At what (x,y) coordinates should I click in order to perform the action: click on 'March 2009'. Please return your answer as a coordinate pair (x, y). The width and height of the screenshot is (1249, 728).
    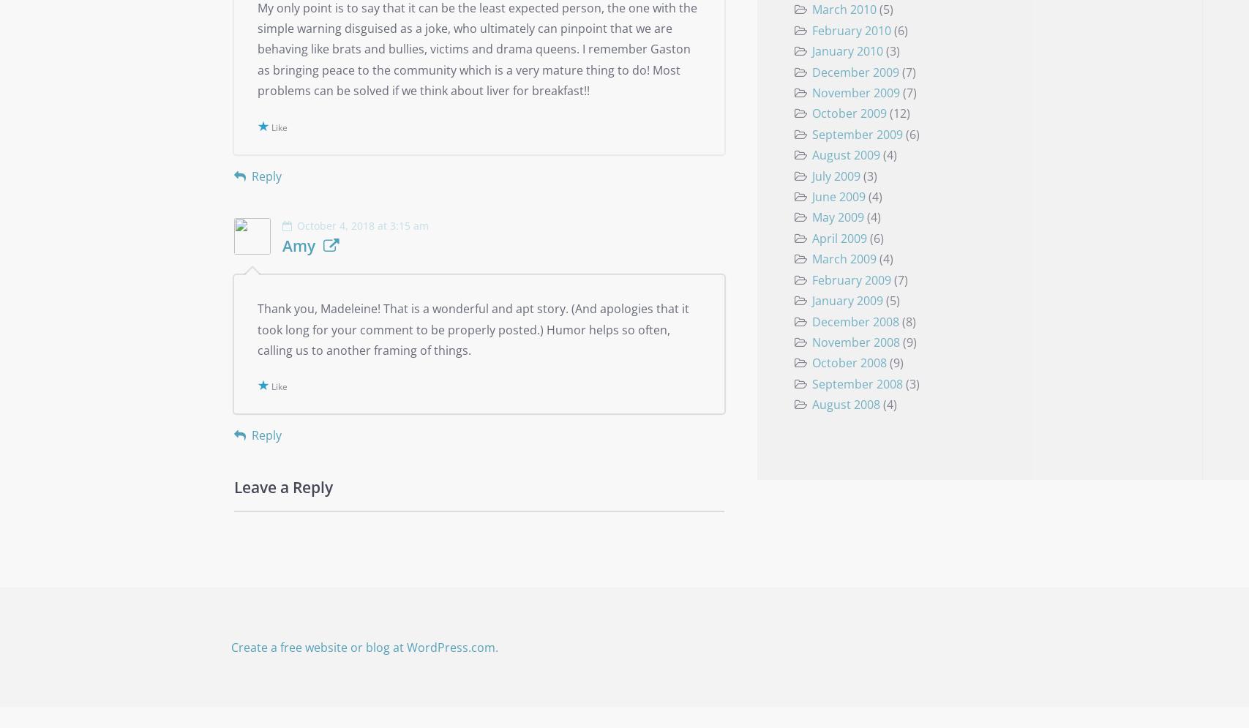
    Looking at the image, I should click on (843, 258).